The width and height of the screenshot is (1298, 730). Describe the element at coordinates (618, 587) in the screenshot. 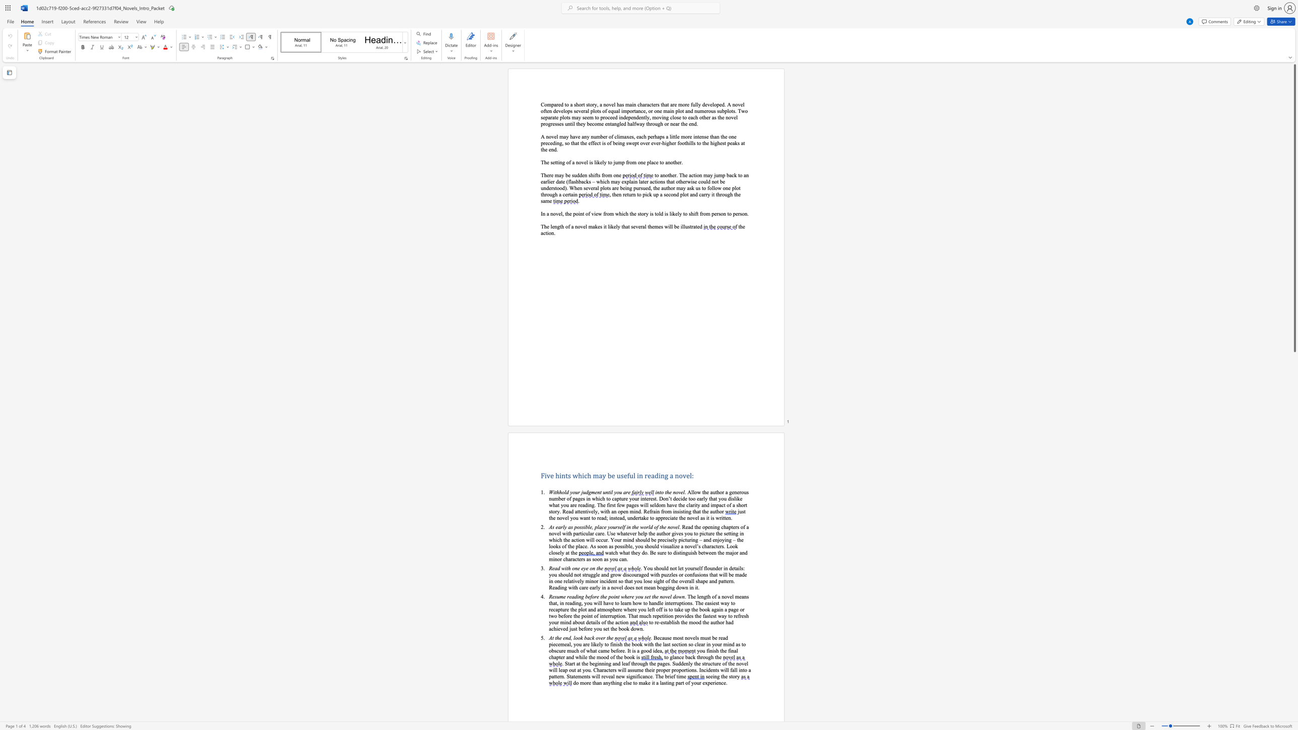

I see `the 2th character "v" in the text` at that location.